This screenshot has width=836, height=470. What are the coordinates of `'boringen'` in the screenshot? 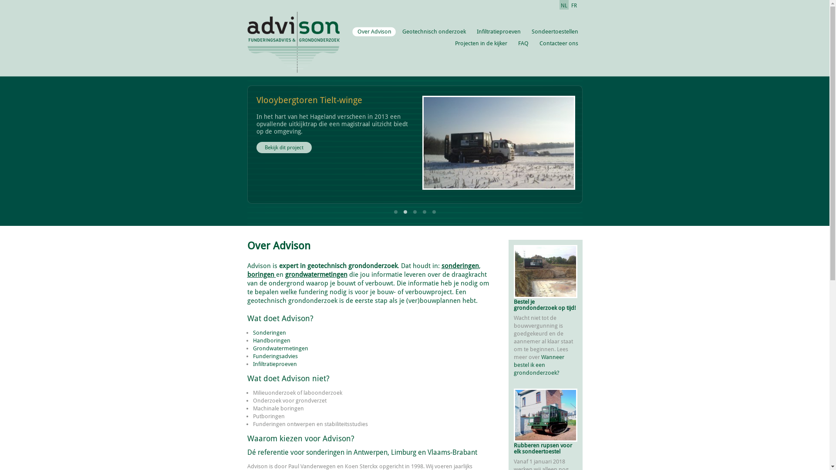 It's located at (246, 275).